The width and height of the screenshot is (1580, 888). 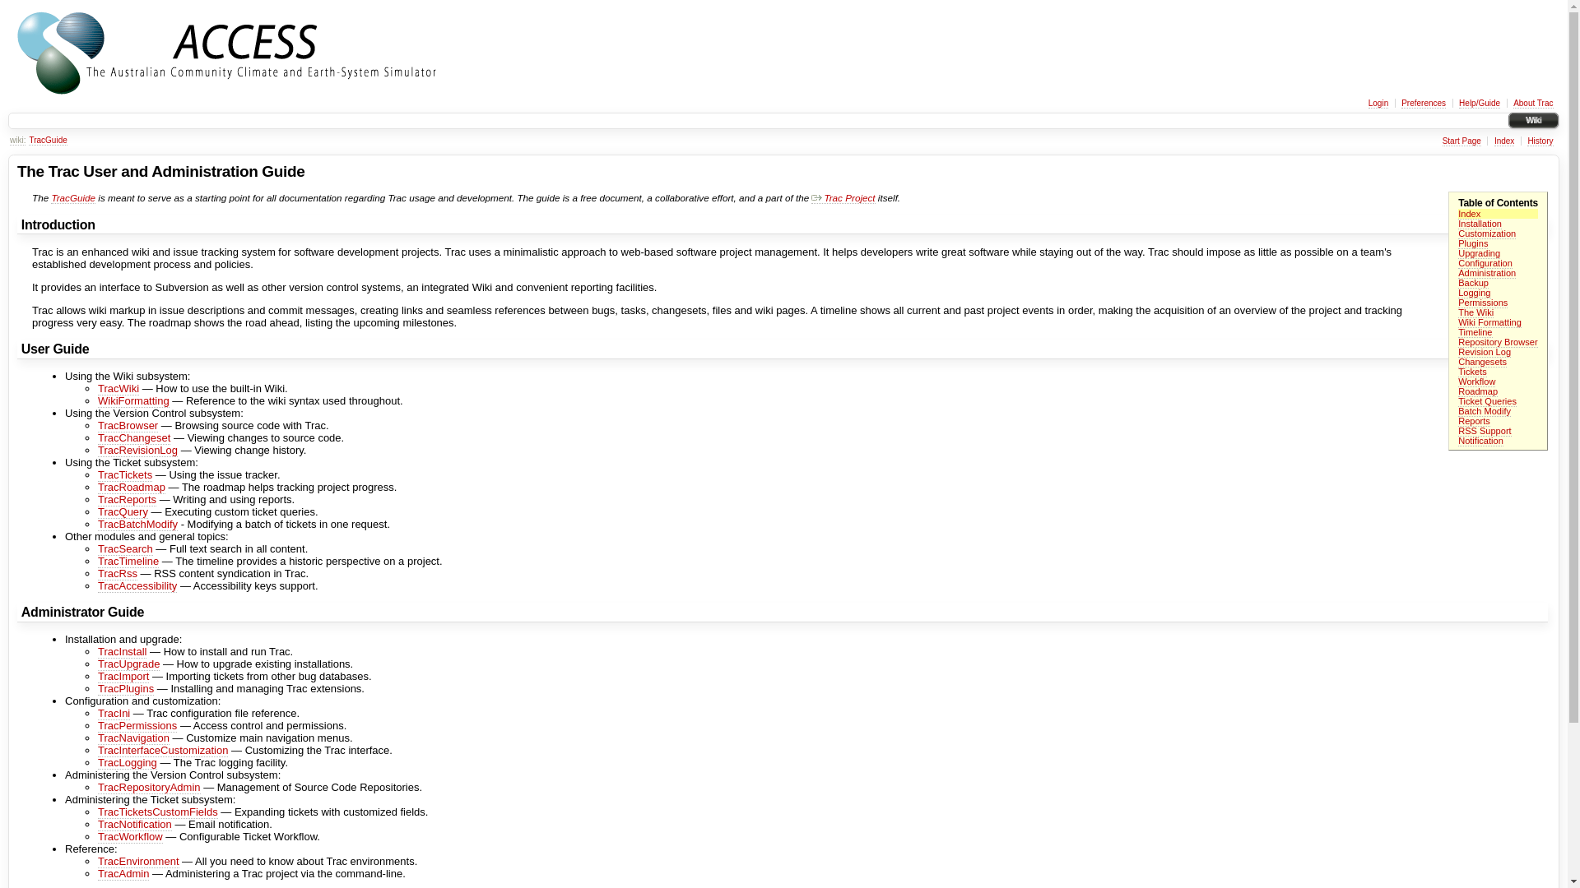 I want to click on 'TracTickets', so click(x=124, y=475).